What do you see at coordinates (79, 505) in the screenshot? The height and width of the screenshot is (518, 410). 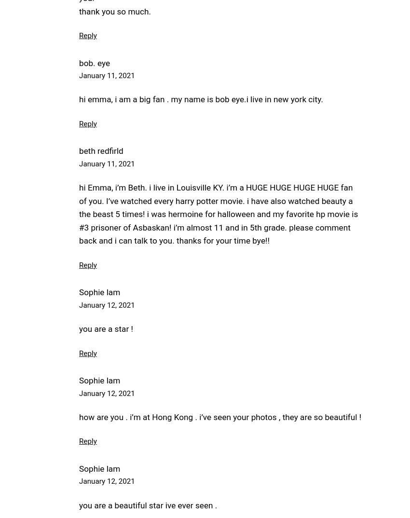 I see `'you are a beautiful star ive ever seen .'` at bounding box center [79, 505].